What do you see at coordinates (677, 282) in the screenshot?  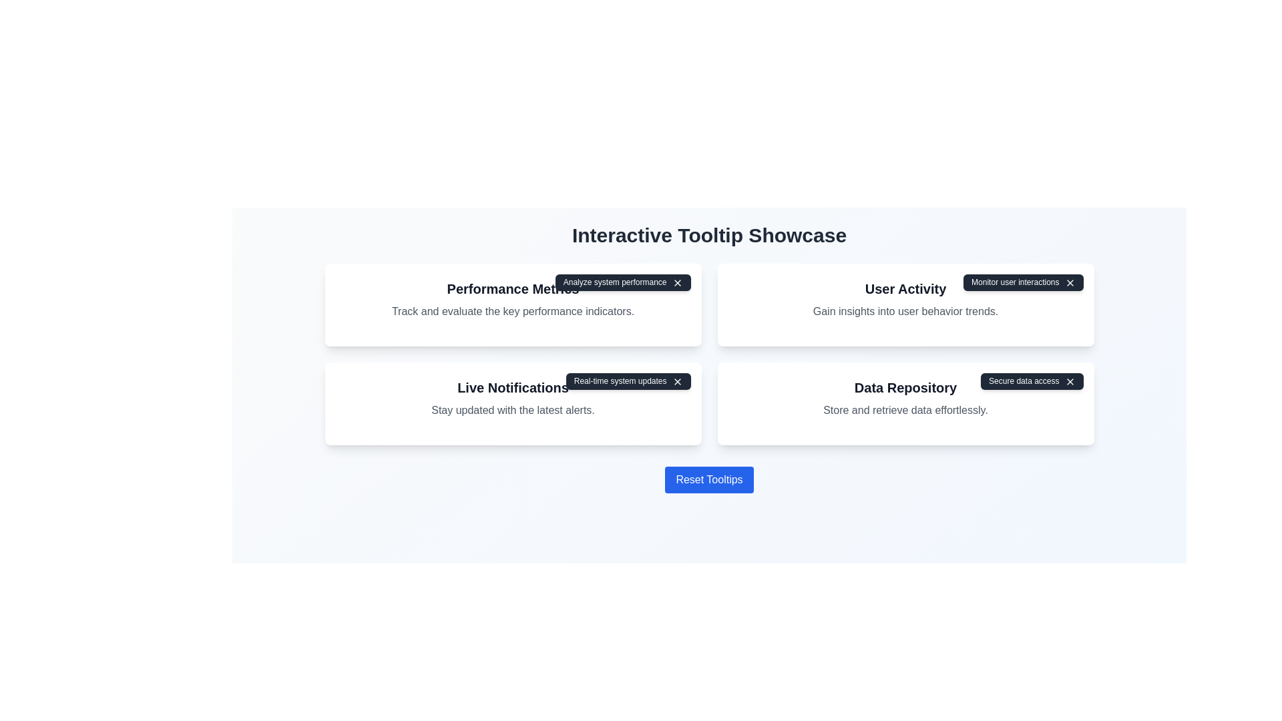 I see `the Close button, a small circular icon with an 'X' symbol, located in the top right corner of the 'Analyze system performance' tooltip` at bounding box center [677, 282].